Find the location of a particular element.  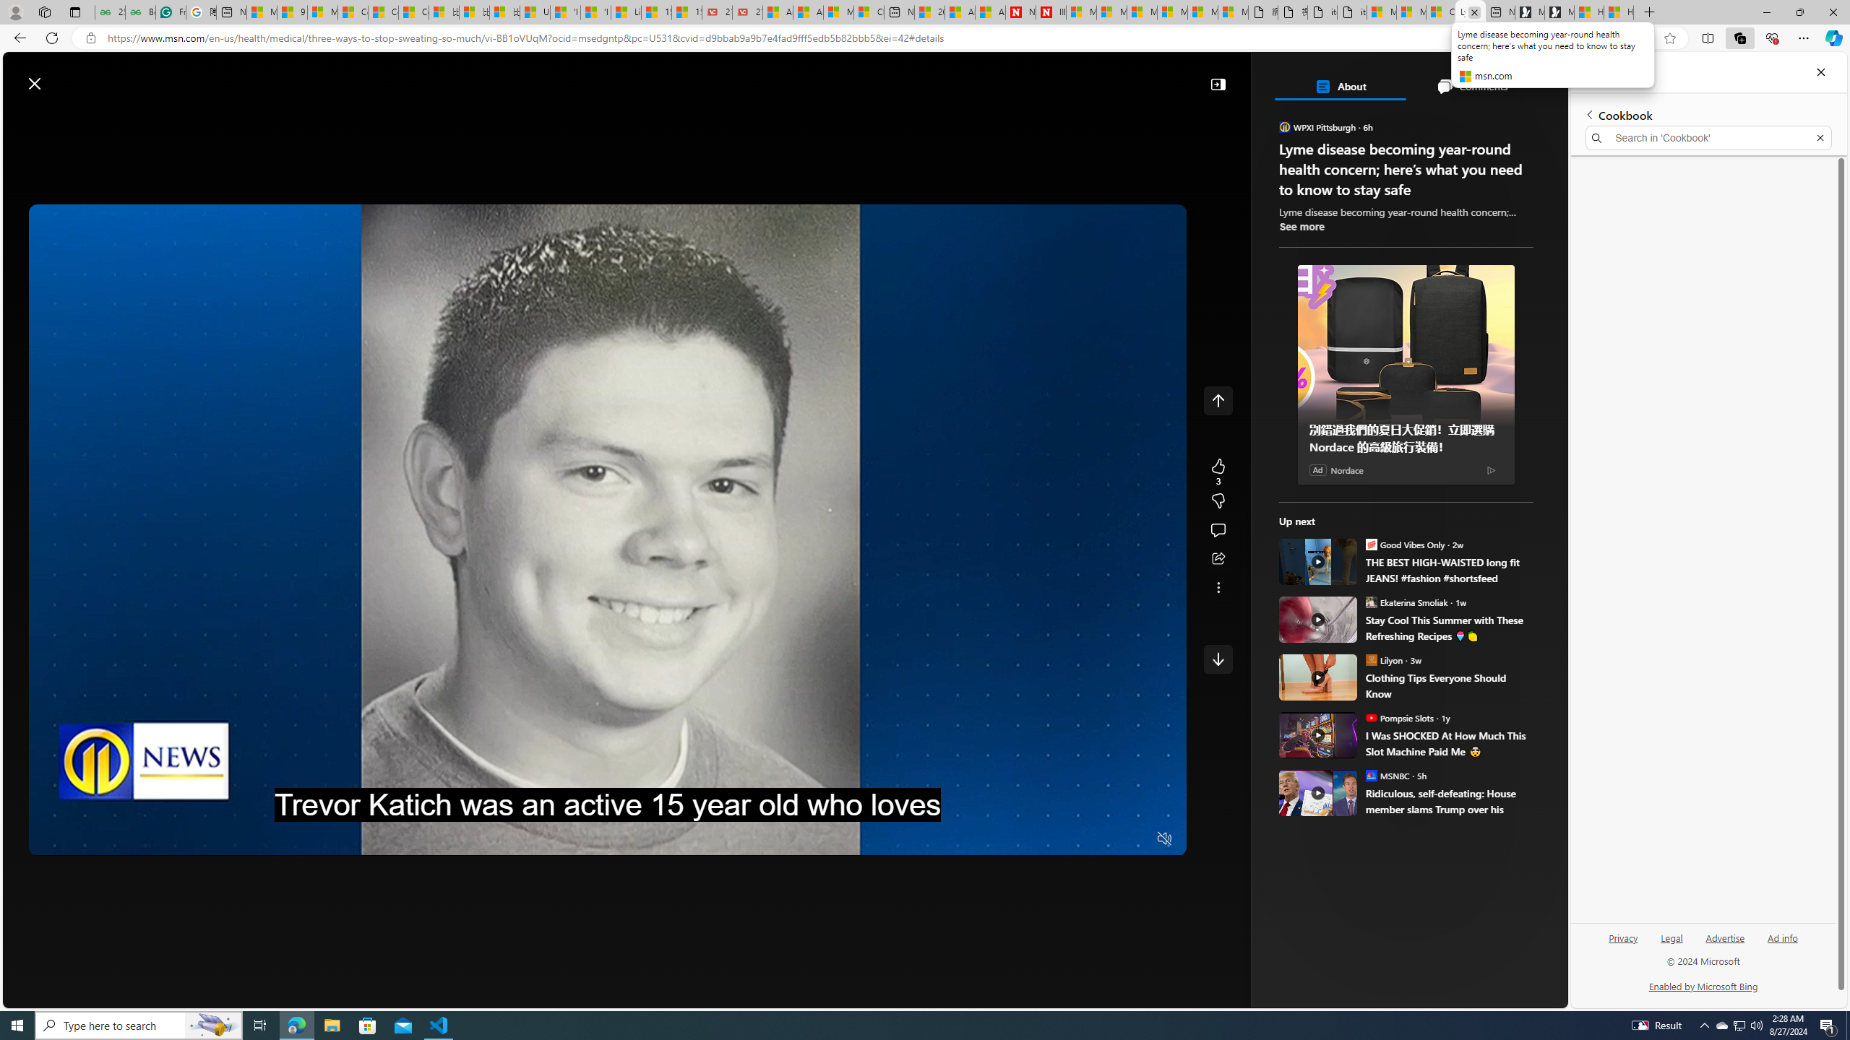

'Best SSL Certificates Provider in India - GeeksforGeeks' is located at coordinates (139, 12).